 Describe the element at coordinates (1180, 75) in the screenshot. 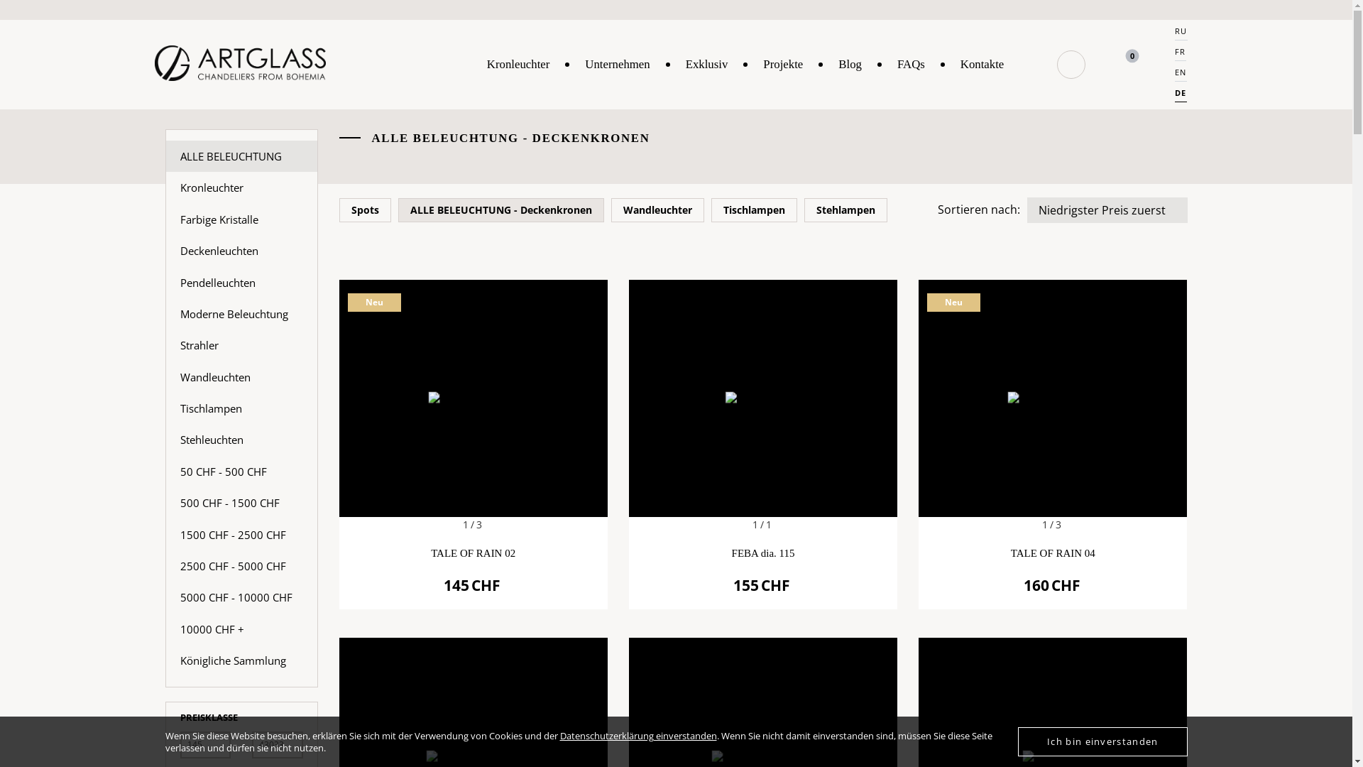

I see `'EN'` at that location.